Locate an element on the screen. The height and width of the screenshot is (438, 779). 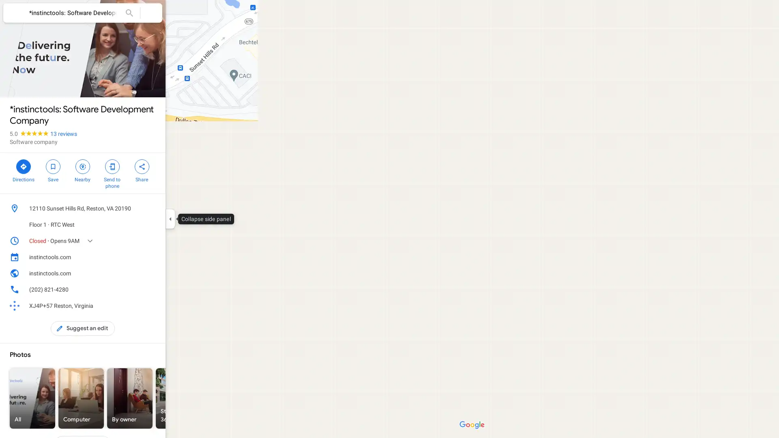
Copy plus code is located at coordinates (140, 305).